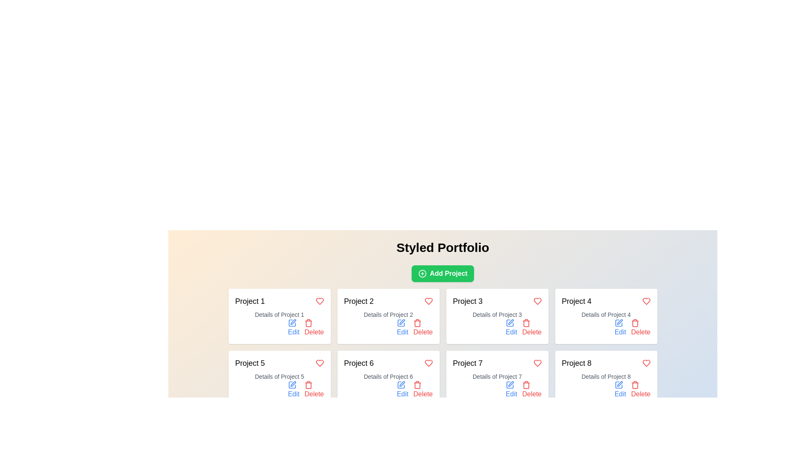  Describe the element at coordinates (537, 362) in the screenshot. I see `the heart-shaped icon button in the top-right corner of the 'Project 4' card` at that location.